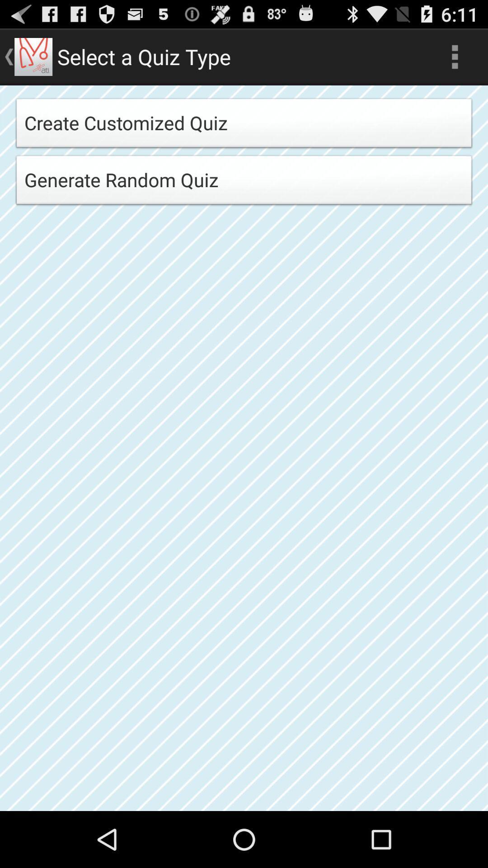  What do you see at coordinates (244, 125) in the screenshot?
I see `the icon above the generate random quiz item` at bounding box center [244, 125].